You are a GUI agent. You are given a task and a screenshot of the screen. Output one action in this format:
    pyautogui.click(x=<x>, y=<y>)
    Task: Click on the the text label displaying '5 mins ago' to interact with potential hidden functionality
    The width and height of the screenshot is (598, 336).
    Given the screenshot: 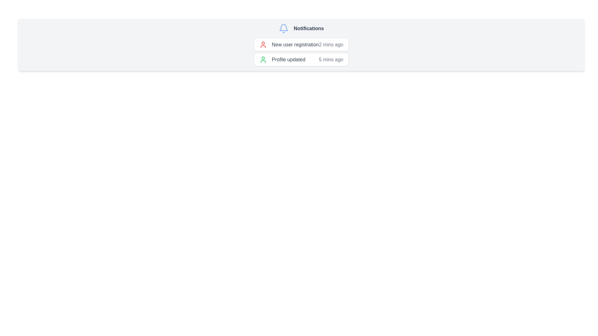 What is the action you would take?
    pyautogui.click(x=331, y=60)
    